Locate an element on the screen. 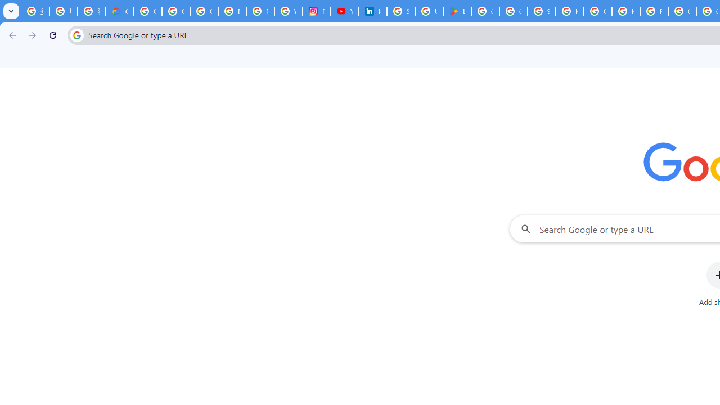 This screenshot has width=720, height=405. 'Sign in - Google Accounts' is located at coordinates (400, 11).